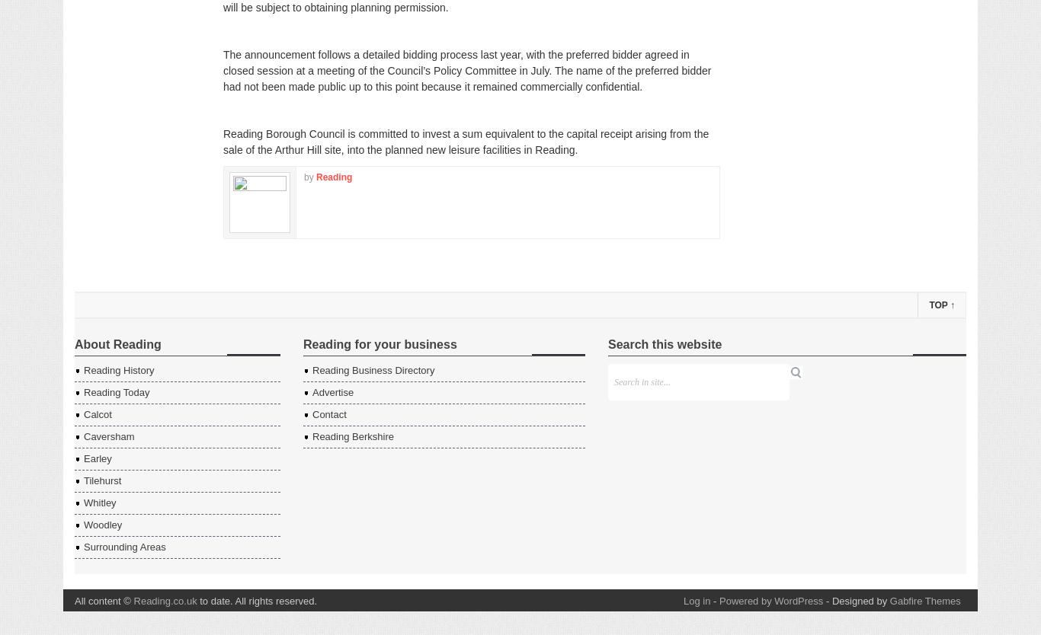 This screenshot has height=635, width=1041. I want to click on 'Tilehurst', so click(101, 480).